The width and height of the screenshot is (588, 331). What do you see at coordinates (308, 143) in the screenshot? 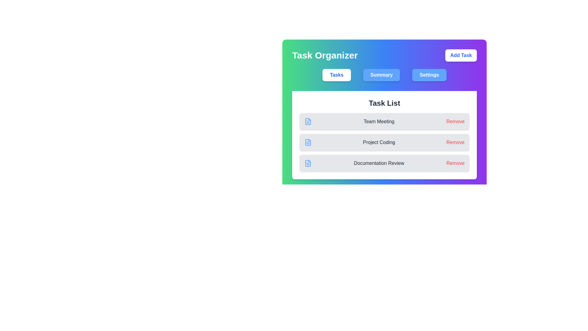
I see `the icon representing the 'Project Coding' task` at bounding box center [308, 143].